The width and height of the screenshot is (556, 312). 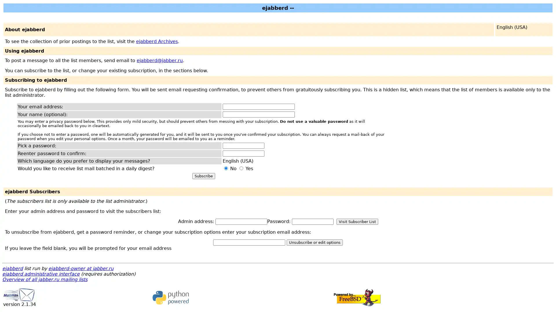 What do you see at coordinates (203, 176) in the screenshot?
I see `Subscribe` at bounding box center [203, 176].